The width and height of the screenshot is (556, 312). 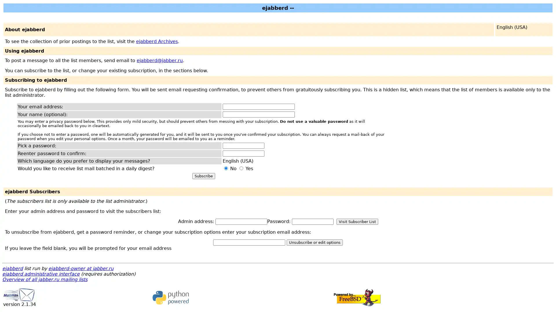 What do you see at coordinates (203, 176) in the screenshot?
I see `Subscribe` at bounding box center [203, 176].